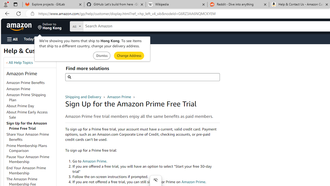 The image size is (330, 186). What do you see at coordinates (31, 106) in the screenshot?
I see `'About Prime Day'` at bounding box center [31, 106].